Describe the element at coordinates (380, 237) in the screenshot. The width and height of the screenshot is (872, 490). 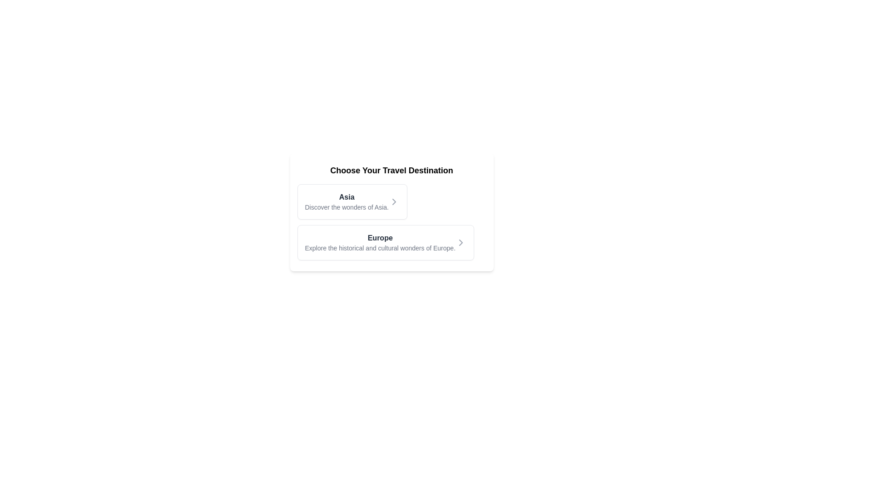
I see `the 'Europe' text label, which is a bold, dark font heading located under the 'Choose Your Travel Destination' section, positioned above the descriptive text about Europe` at that location.